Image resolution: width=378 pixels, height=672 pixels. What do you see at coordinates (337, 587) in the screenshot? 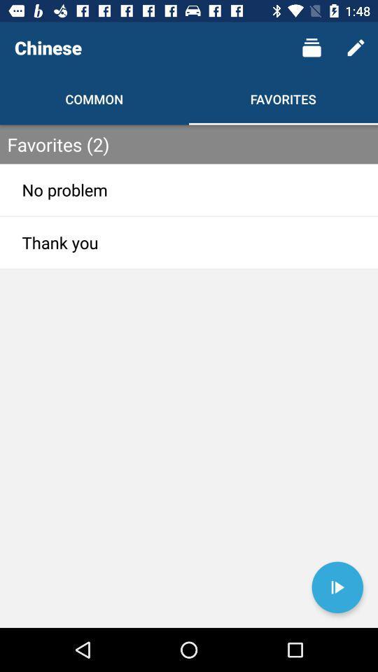
I see `play` at bounding box center [337, 587].